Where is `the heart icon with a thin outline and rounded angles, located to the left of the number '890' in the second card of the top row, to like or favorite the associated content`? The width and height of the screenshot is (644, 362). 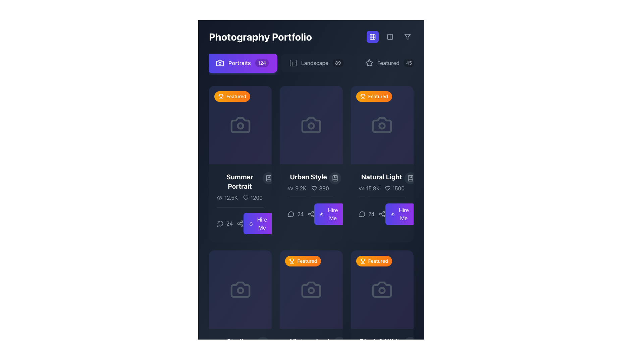 the heart icon with a thin outline and rounded angles, located to the left of the number '890' in the second card of the top row, to like or favorite the associated content is located at coordinates (314, 188).